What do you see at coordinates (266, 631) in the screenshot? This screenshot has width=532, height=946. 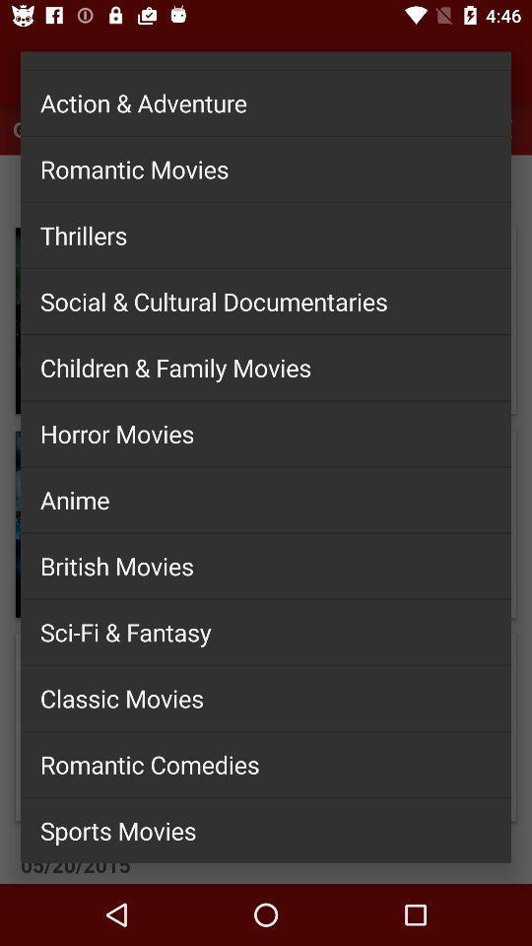 I see `the    sci-fi & fantasy icon` at bounding box center [266, 631].